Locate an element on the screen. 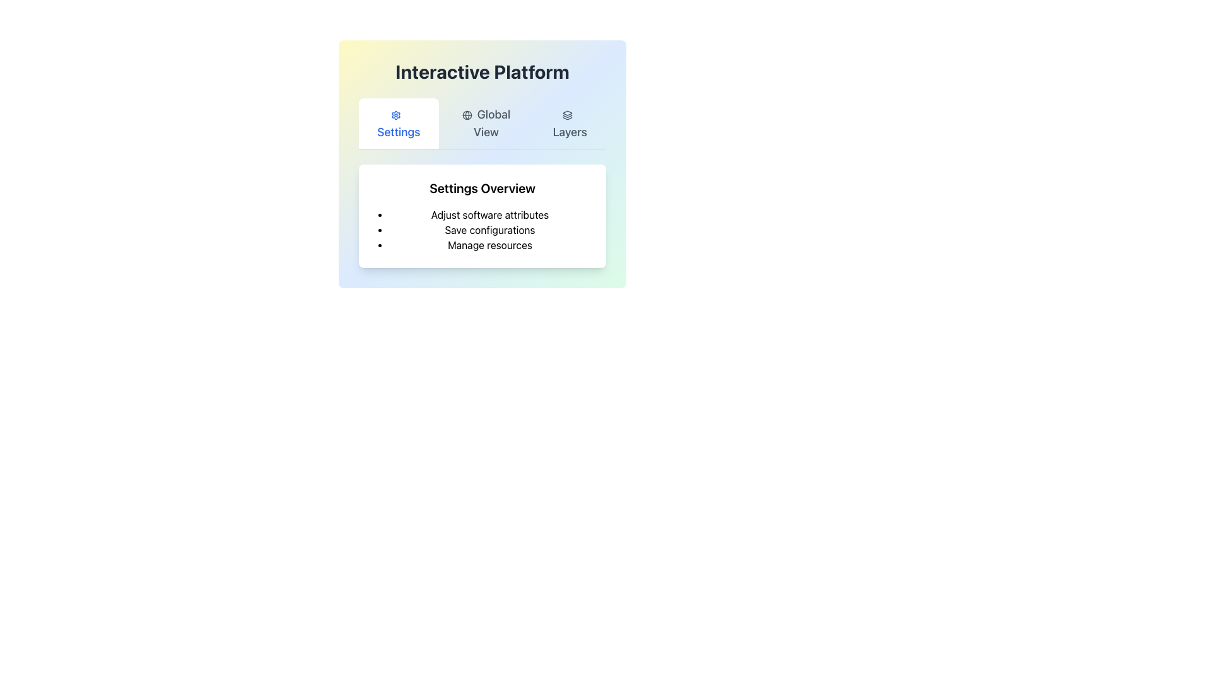  the settings button, which is the leftmost button in a horizontal group of three is located at coordinates (398, 124).